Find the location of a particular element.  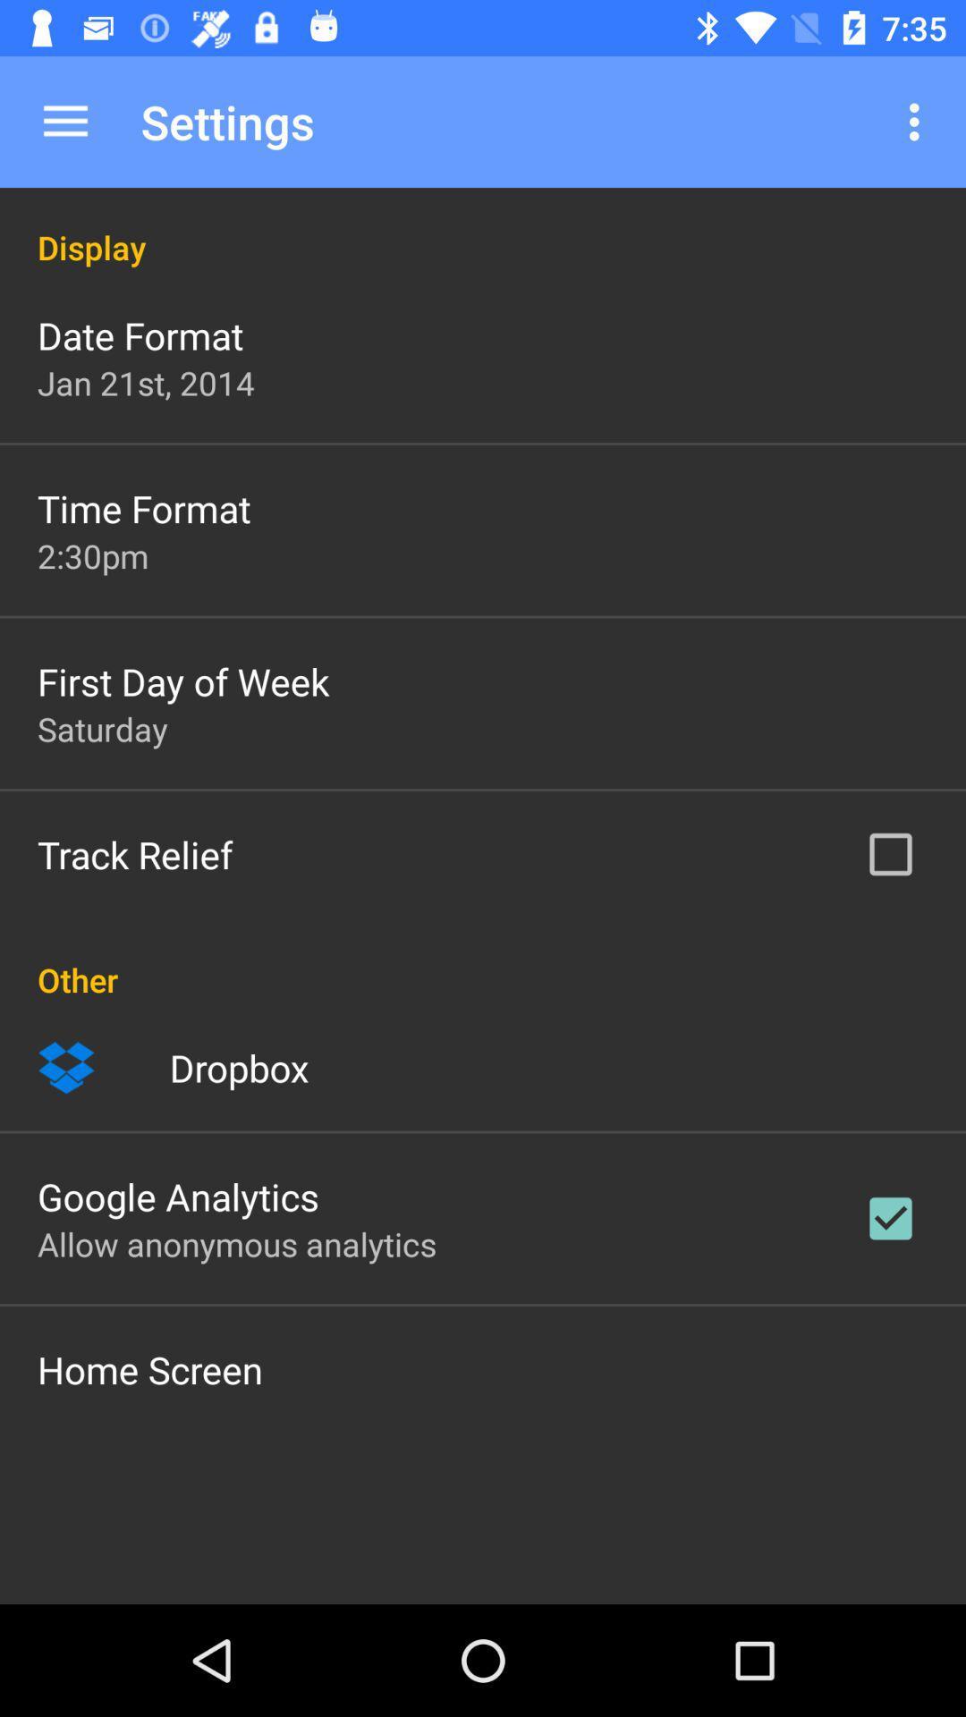

first day of app is located at coordinates (183, 681).